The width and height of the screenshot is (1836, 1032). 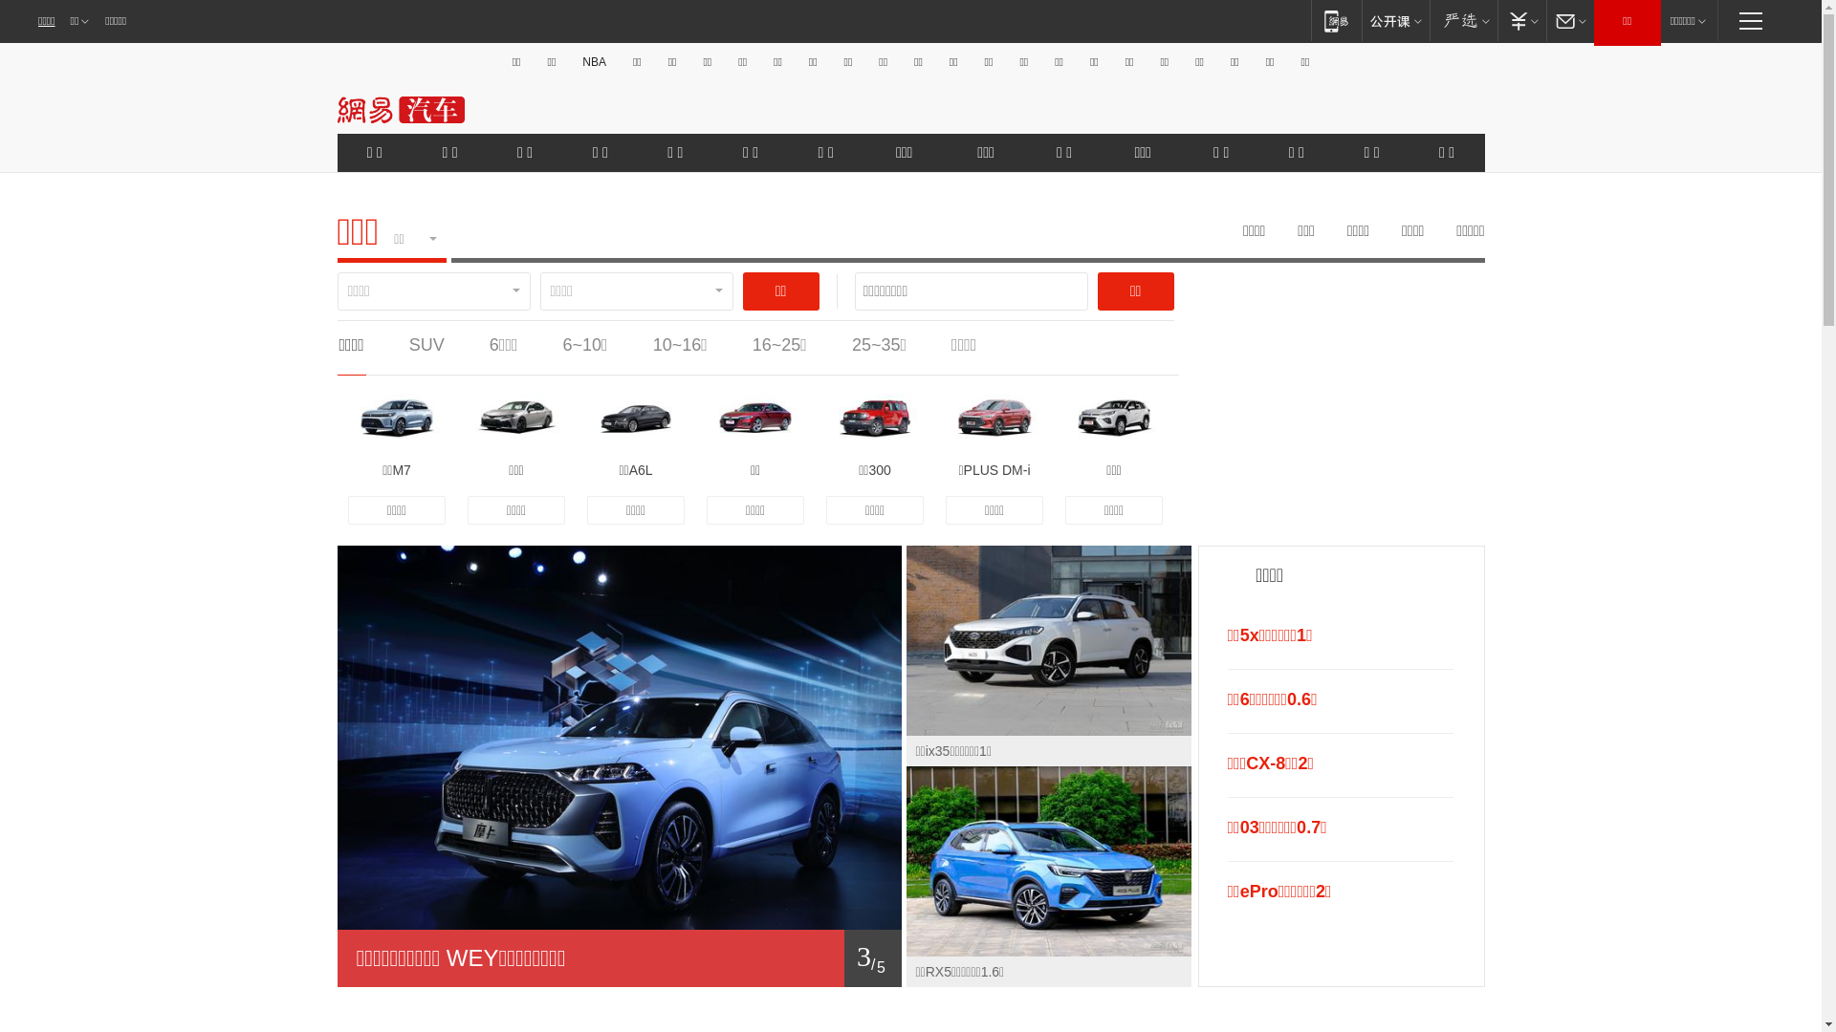 What do you see at coordinates (426, 345) in the screenshot?
I see `'SUV'` at bounding box center [426, 345].